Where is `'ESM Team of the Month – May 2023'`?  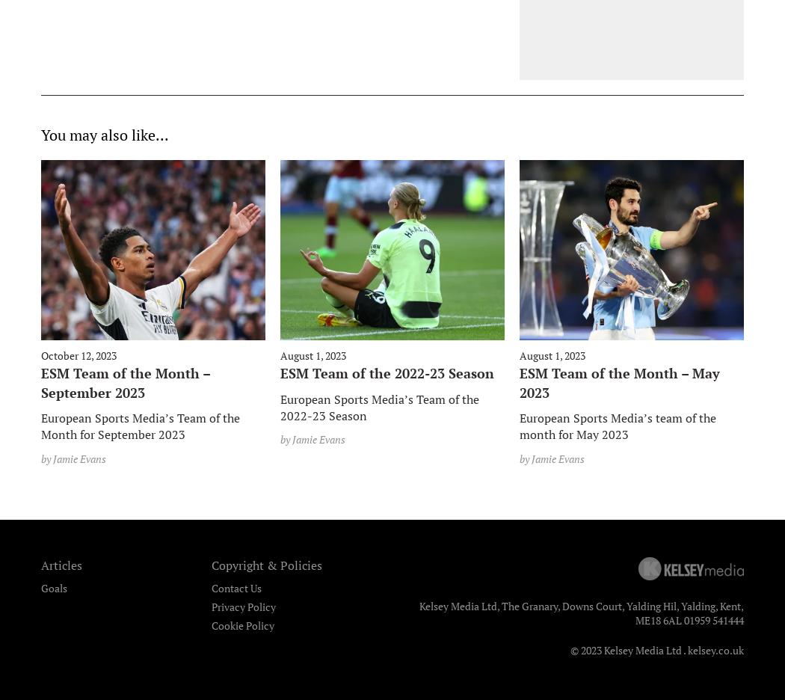 'ESM Team of the Month – May 2023' is located at coordinates (619, 382).